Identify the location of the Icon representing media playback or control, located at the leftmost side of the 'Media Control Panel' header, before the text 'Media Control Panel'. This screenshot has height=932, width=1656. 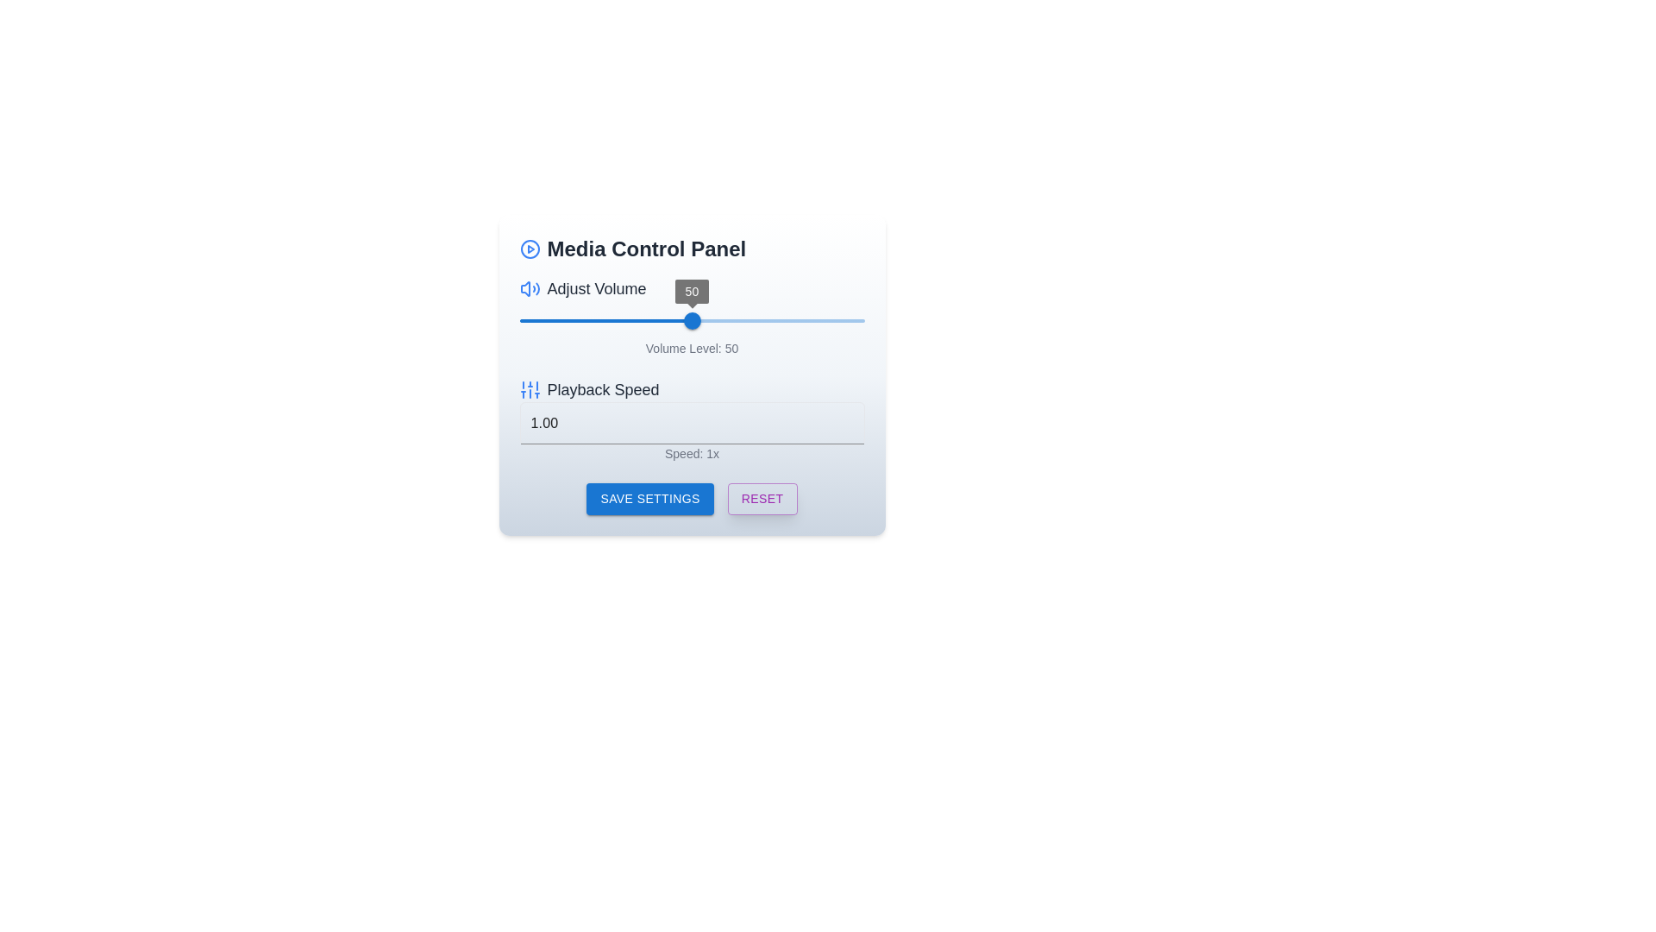
(529, 249).